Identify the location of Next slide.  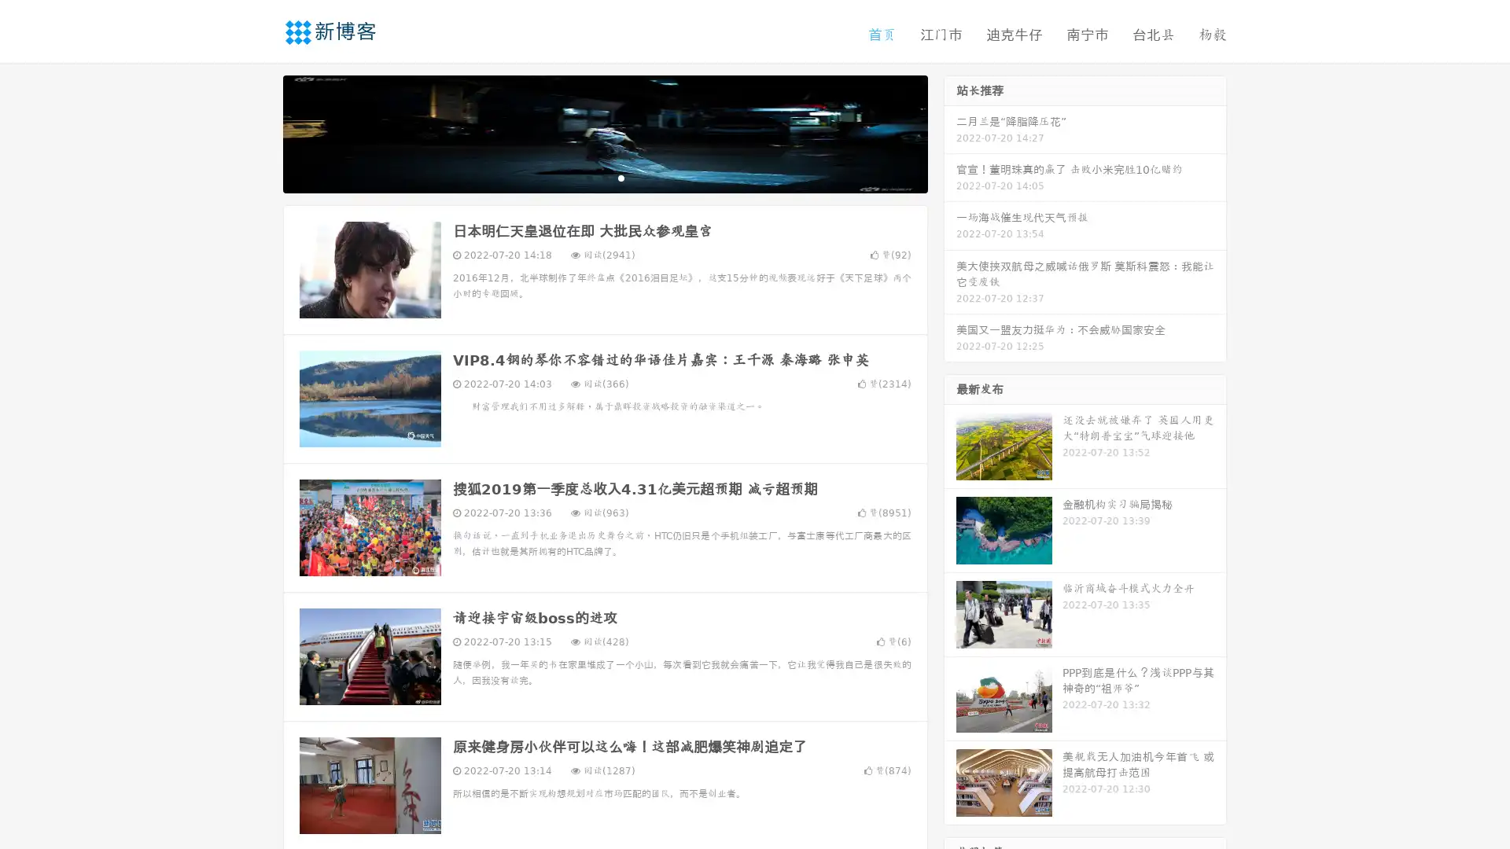
(950, 132).